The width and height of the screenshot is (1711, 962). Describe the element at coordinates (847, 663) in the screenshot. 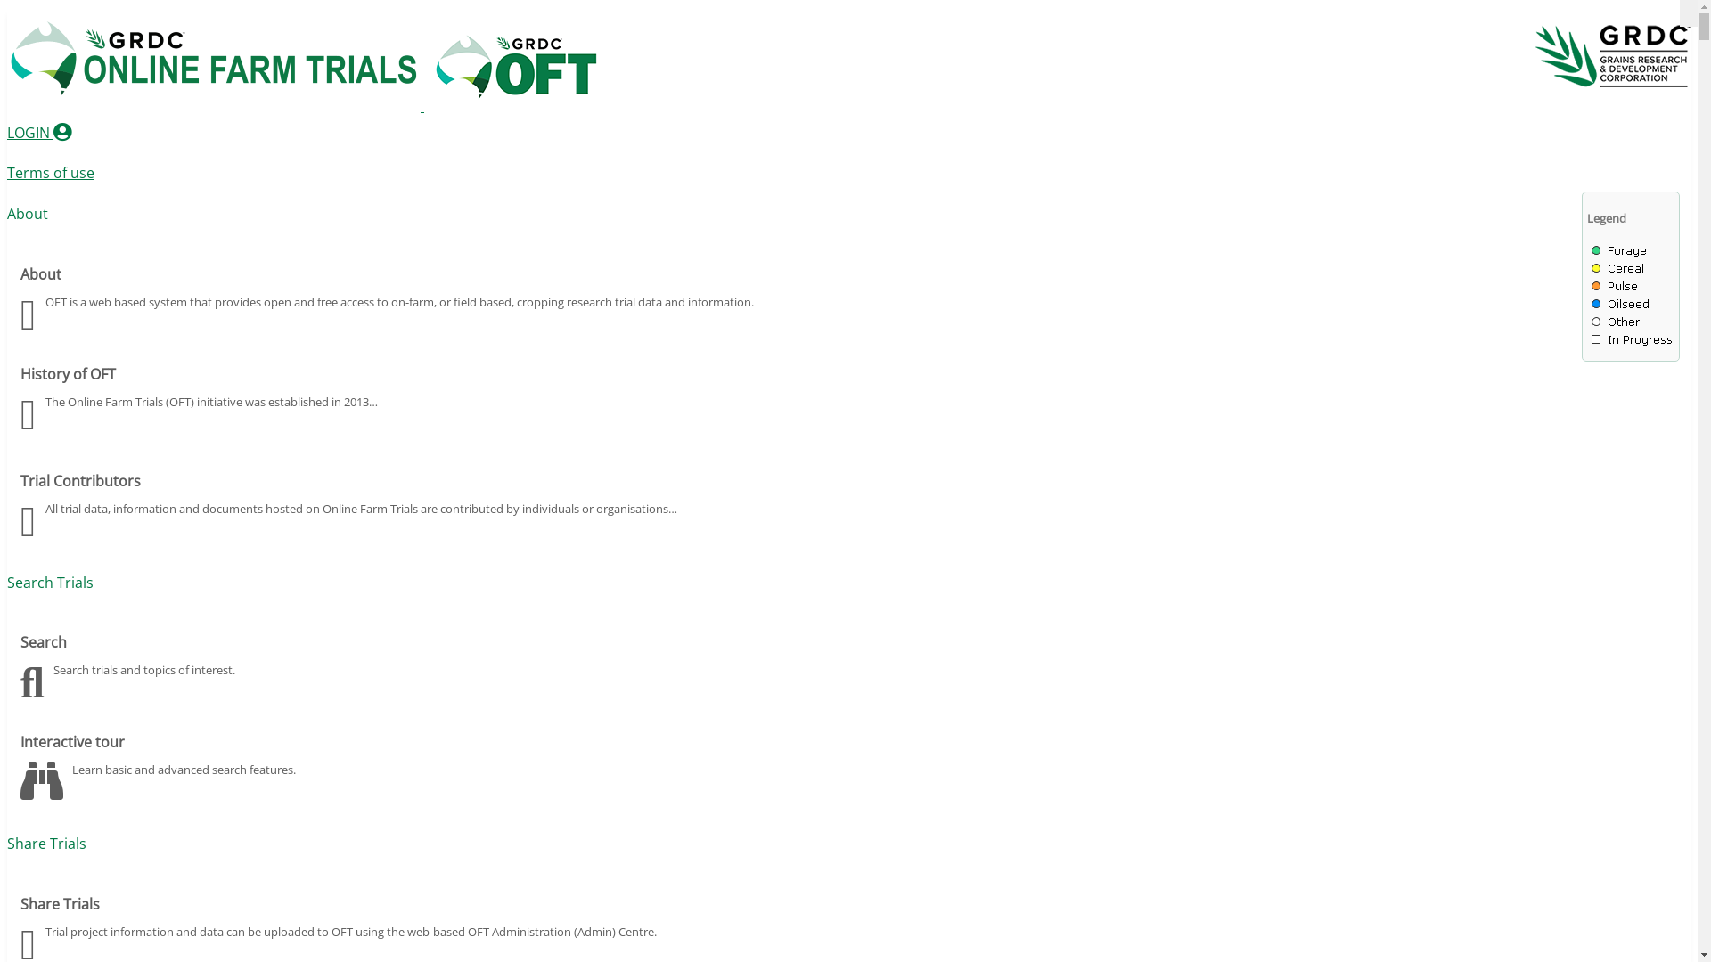

I see `'Search` at that location.